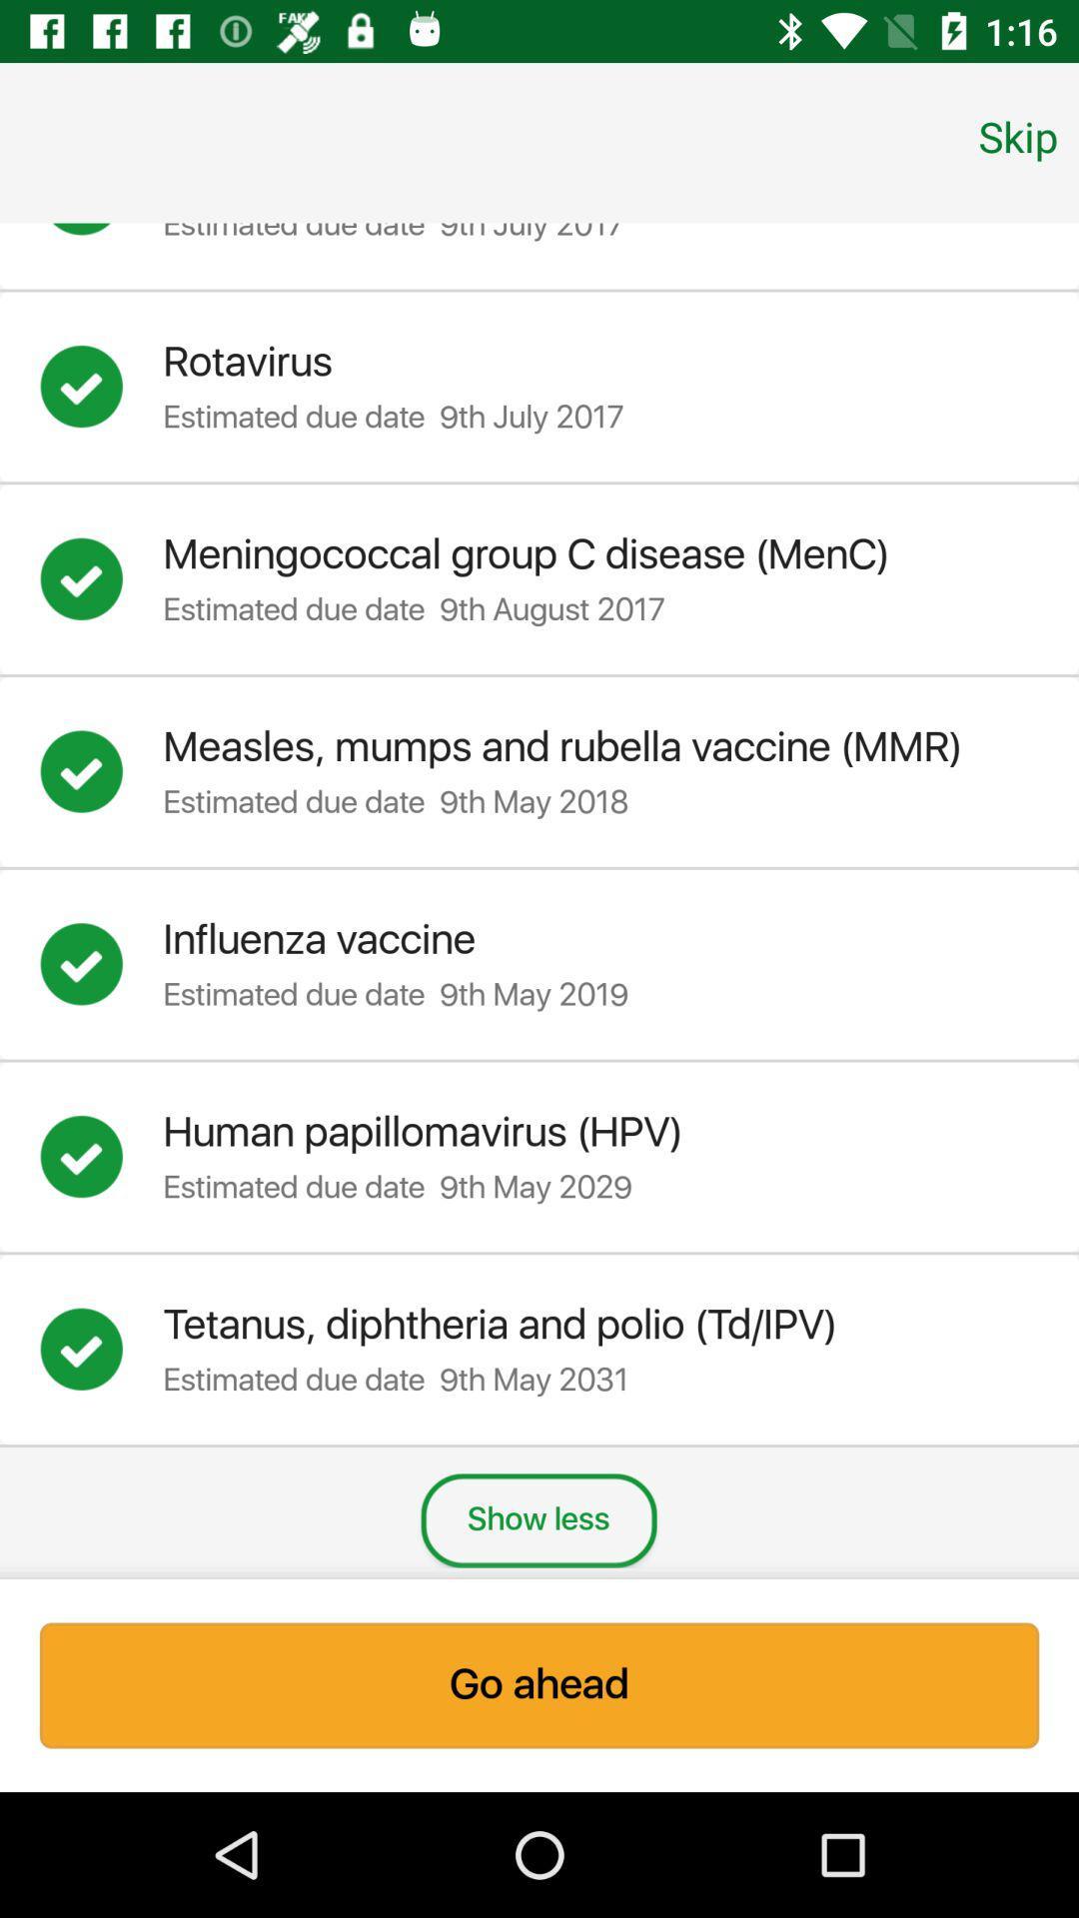  Describe the element at coordinates (101, 770) in the screenshot. I see `information` at that location.